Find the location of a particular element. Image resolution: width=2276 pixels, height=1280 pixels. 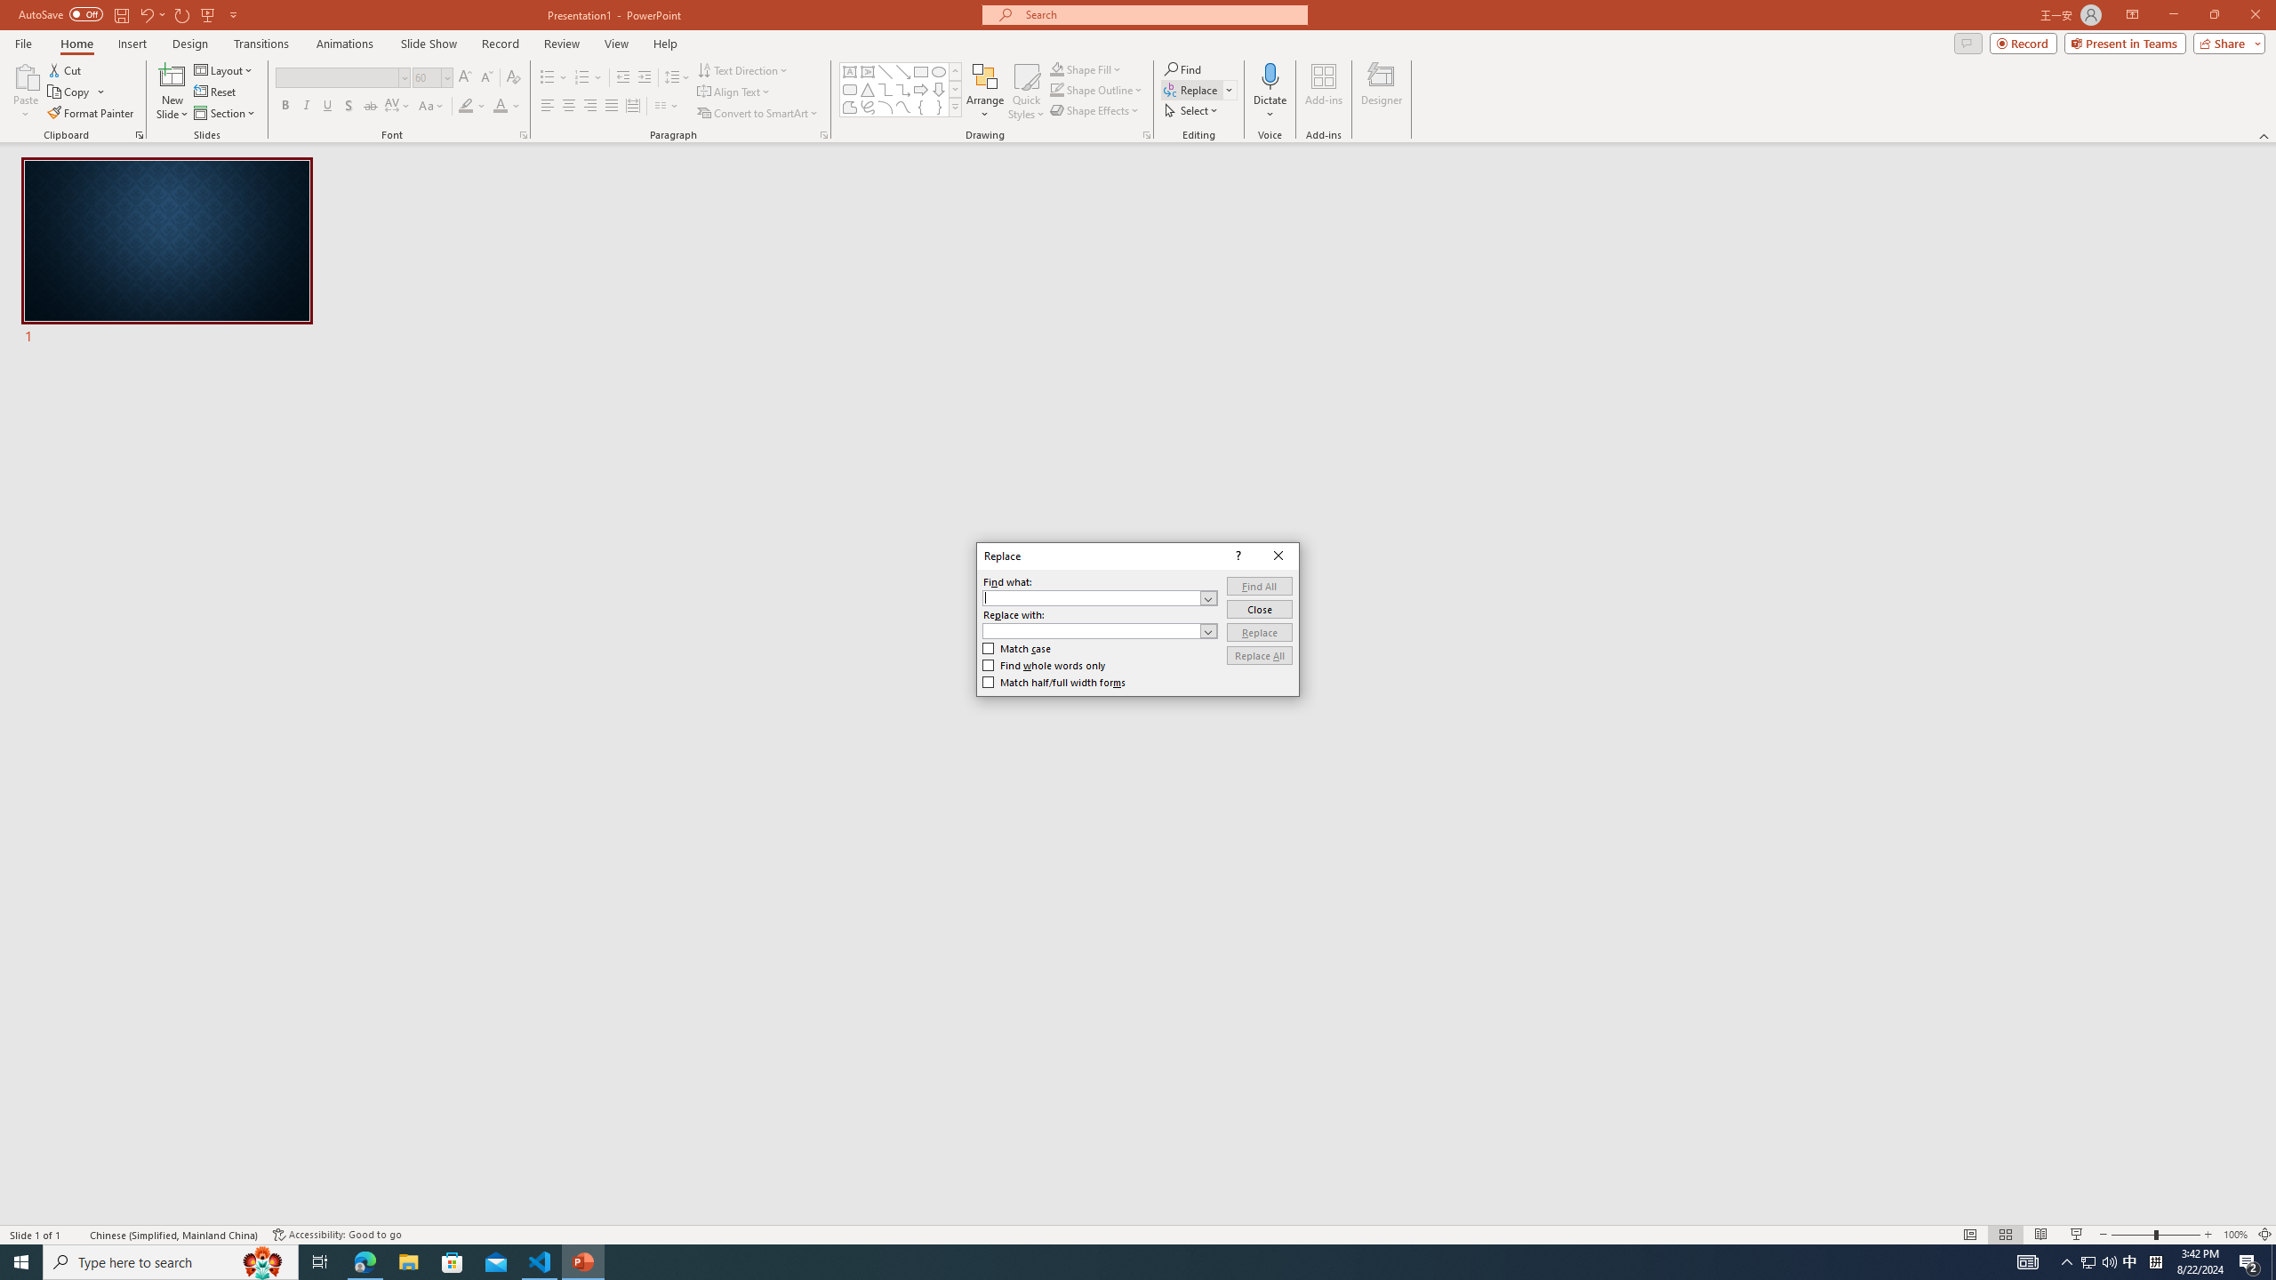

'Office Clipboard...' is located at coordinates (138, 133).